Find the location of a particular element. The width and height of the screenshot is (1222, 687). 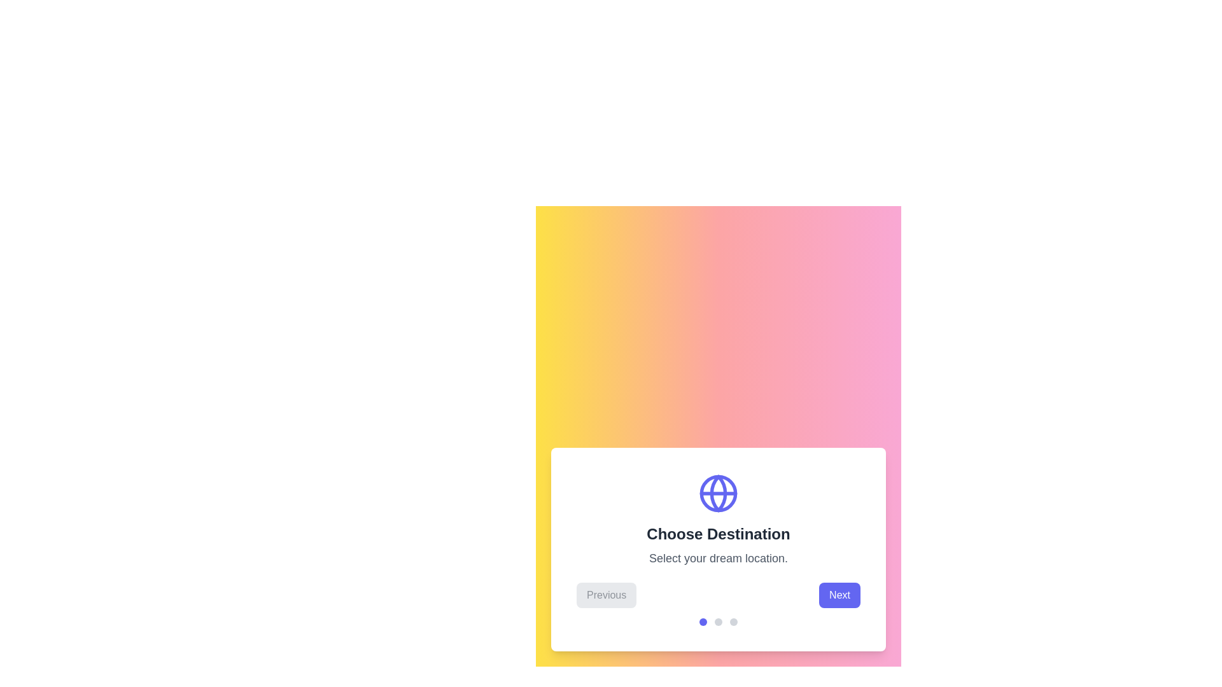

the 'Next' button to navigate to the next step is located at coordinates (839, 595).